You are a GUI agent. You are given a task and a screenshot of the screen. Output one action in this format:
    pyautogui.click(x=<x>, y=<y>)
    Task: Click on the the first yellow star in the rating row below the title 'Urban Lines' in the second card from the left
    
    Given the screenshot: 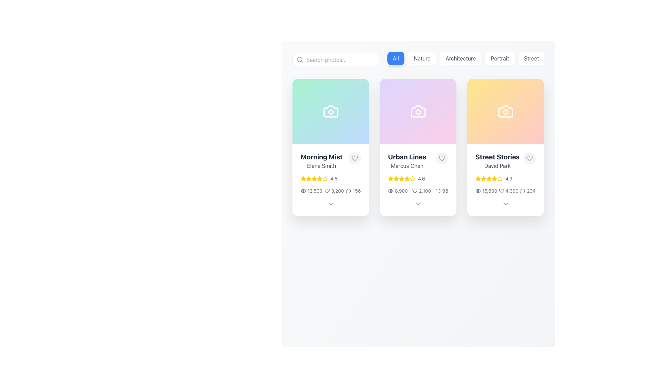 What is the action you would take?
    pyautogui.click(x=390, y=178)
    